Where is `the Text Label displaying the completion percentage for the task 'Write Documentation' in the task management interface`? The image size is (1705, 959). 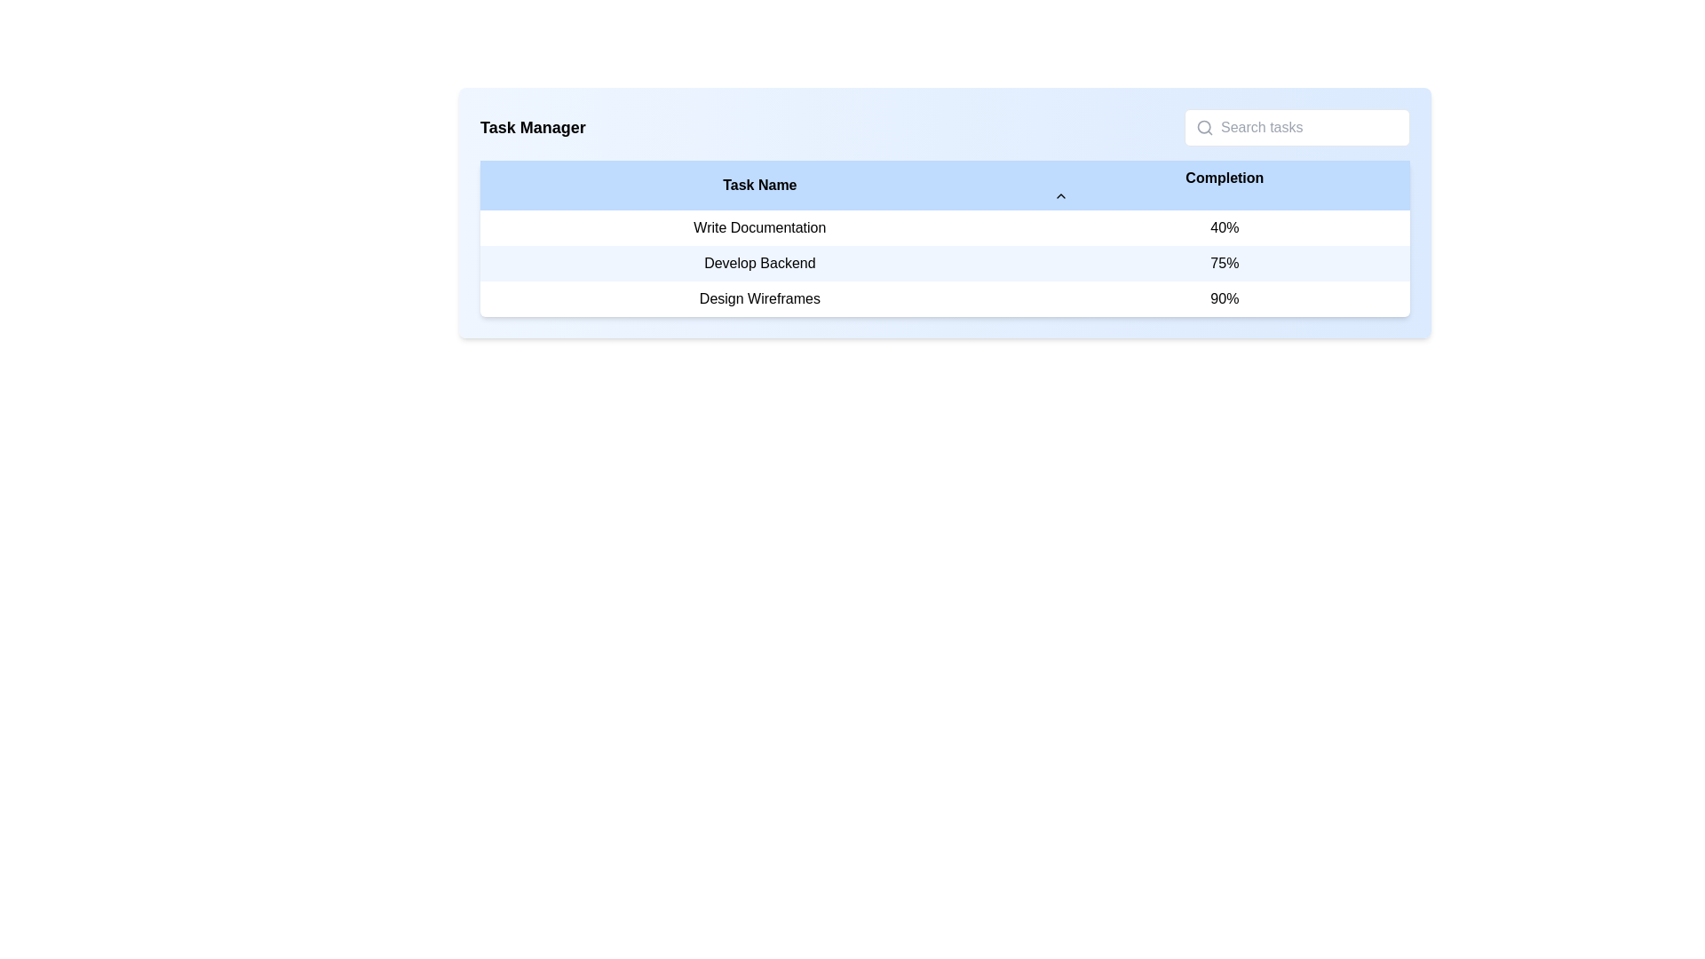
the Text Label displaying the completion percentage for the task 'Write Documentation' in the task management interface is located at coordinates (1224, 227).